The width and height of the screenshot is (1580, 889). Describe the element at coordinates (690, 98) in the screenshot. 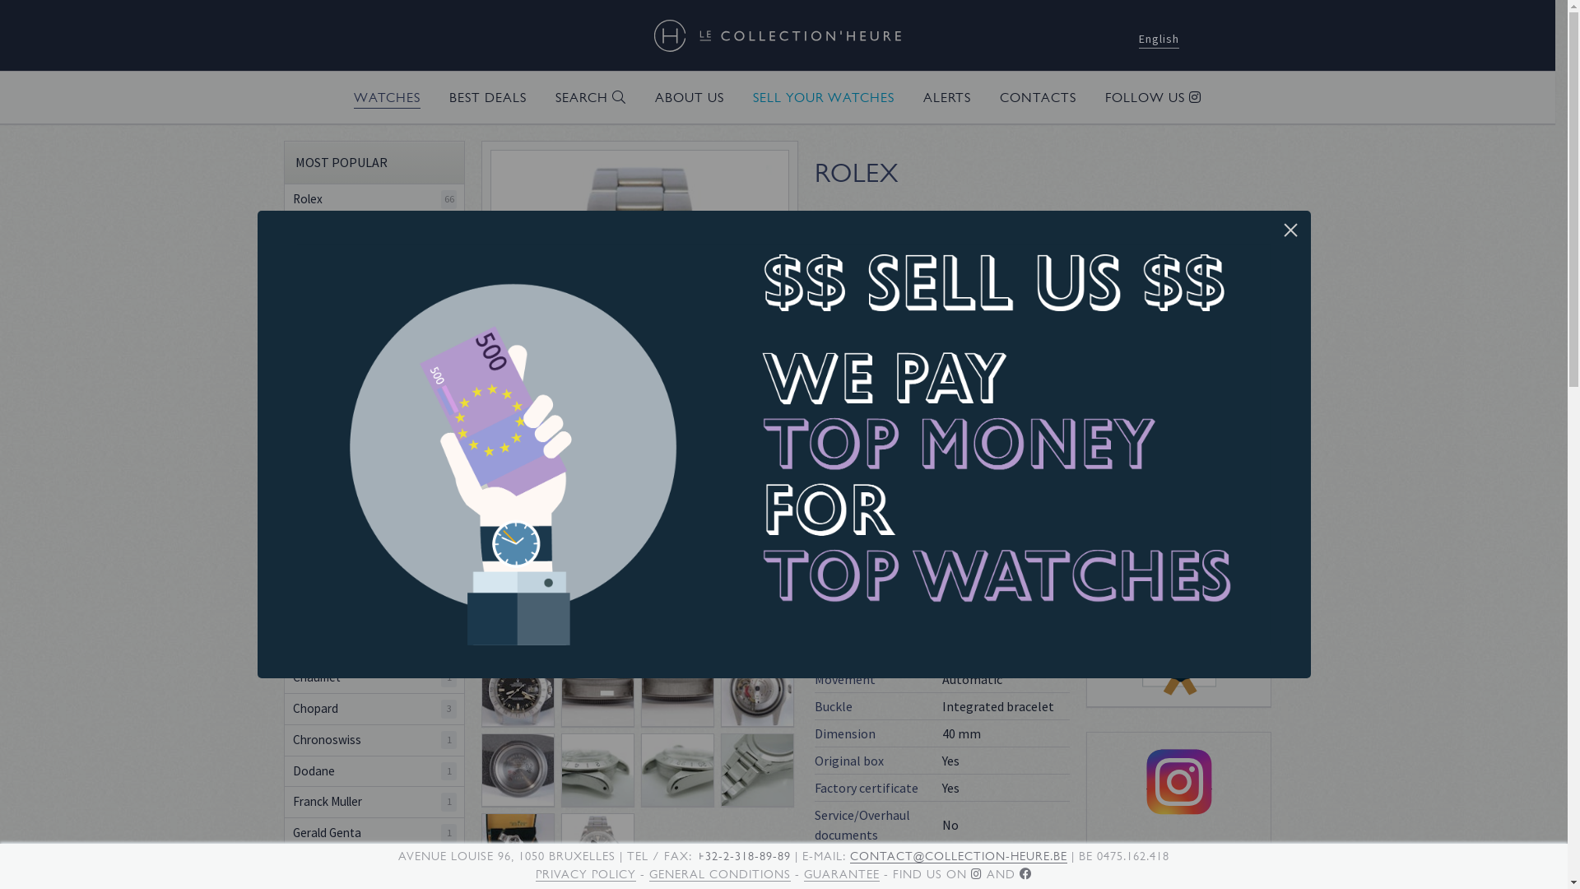

I see `'ABOUT US'` at that location.